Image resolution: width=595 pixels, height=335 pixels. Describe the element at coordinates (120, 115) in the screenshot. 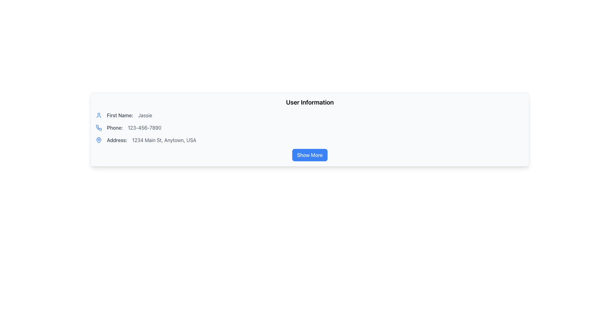

I see `the Text Label that indicates the user's first name, located to the right of the user icon and at the top of the user information section` at that location.